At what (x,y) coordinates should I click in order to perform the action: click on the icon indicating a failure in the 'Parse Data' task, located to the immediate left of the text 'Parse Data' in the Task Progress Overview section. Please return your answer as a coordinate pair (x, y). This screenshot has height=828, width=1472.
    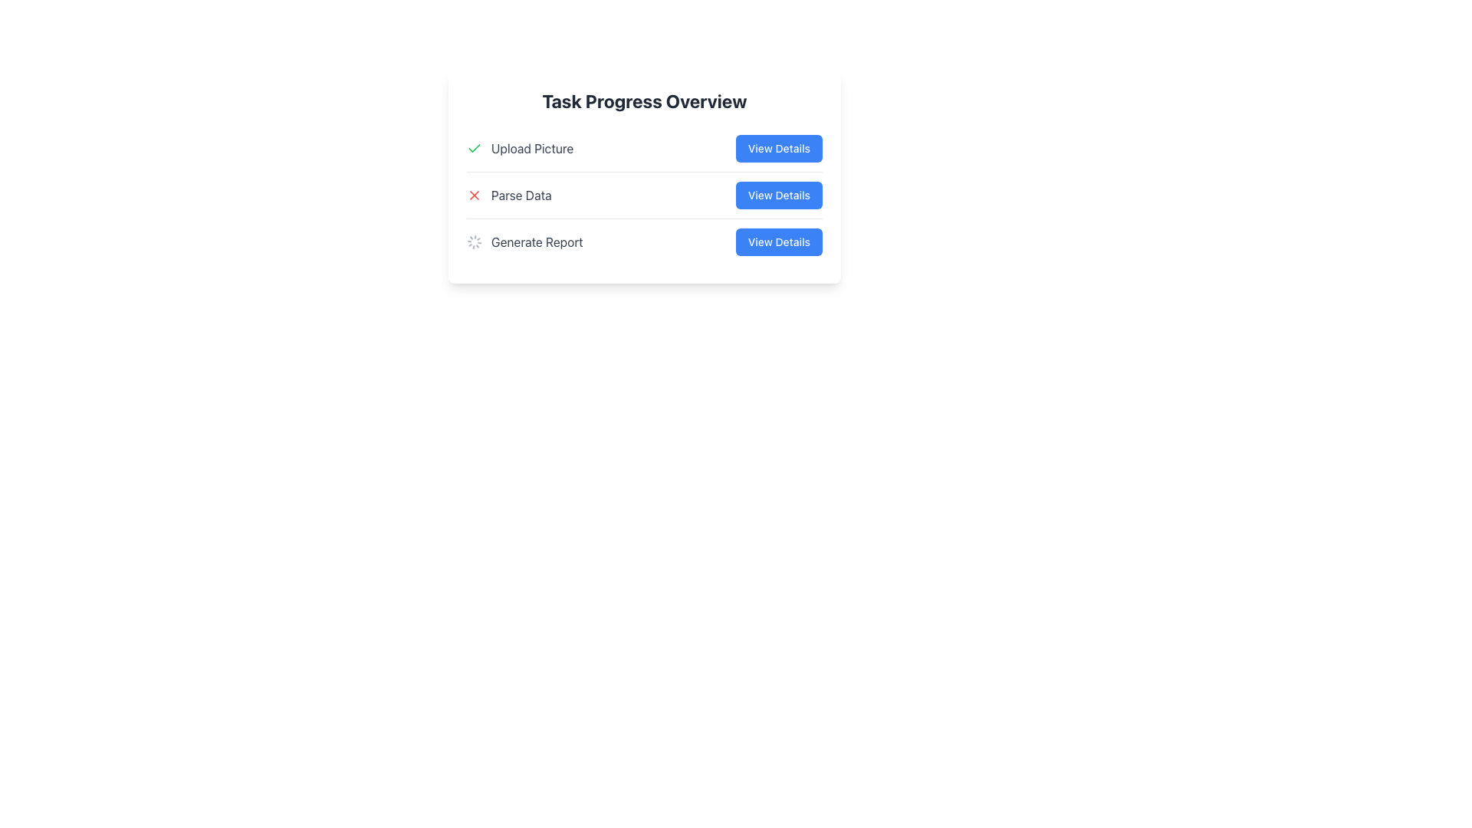
    Looking at the image, I should click on (474, 194).